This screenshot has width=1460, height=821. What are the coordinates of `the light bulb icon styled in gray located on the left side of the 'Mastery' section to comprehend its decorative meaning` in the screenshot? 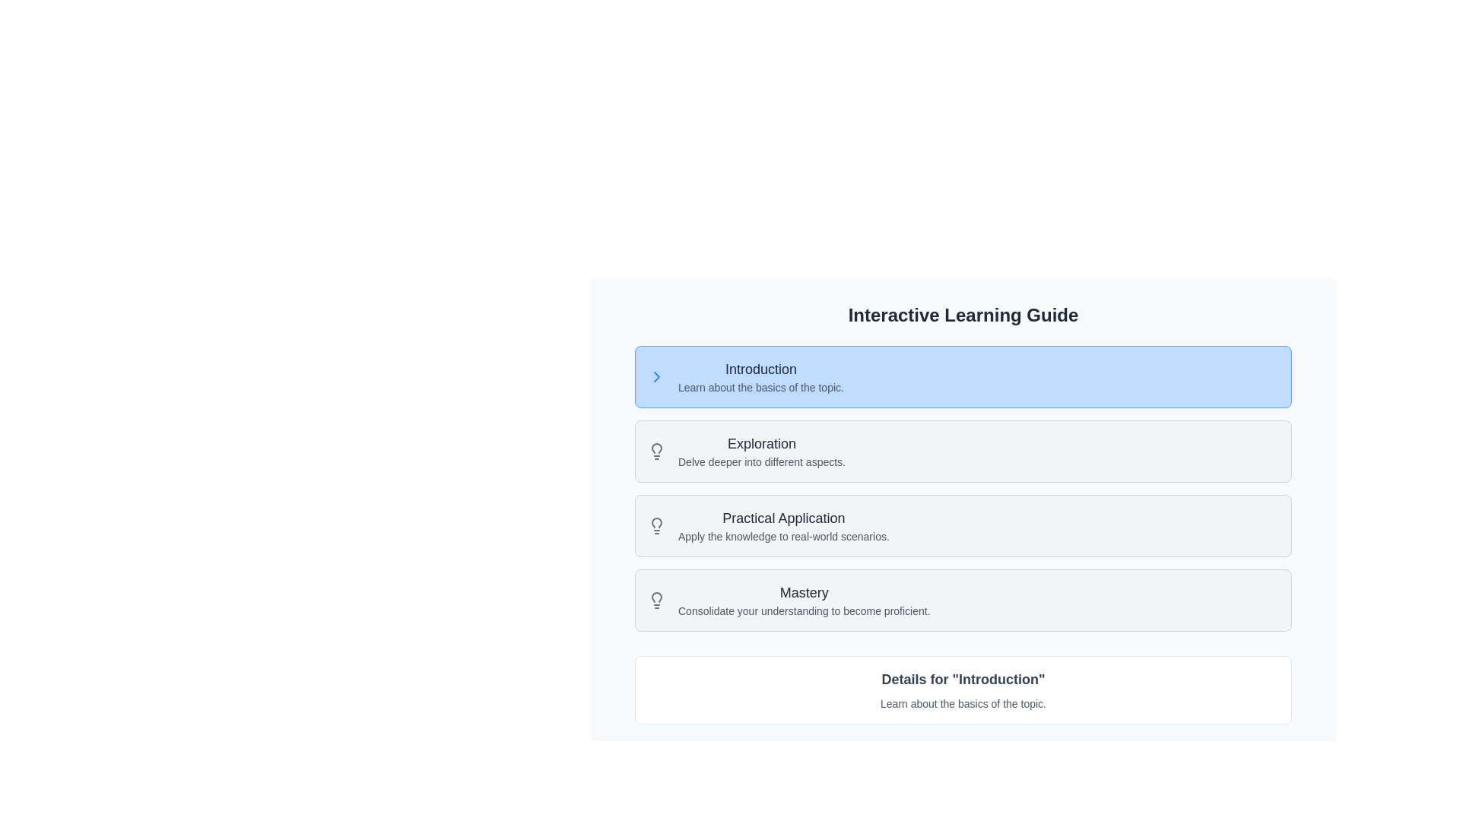 It's located at (657, 600).